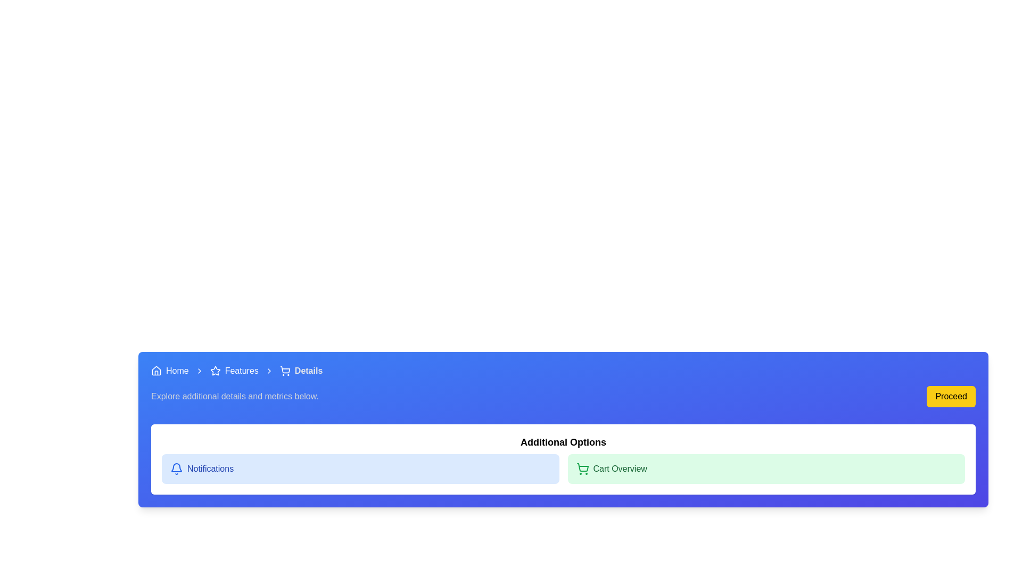 The height and width of the screenshot is (575, 1022). I want to click on the 'Home' hyperlink with a house icon located in the breadcrumb navigation bar at the top left of the blue header section, so click(169, 371).